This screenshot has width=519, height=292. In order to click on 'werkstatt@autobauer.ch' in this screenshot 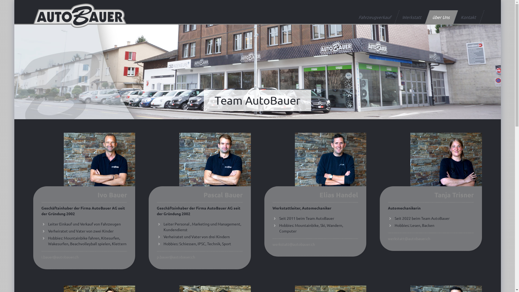, I will do `click(293, 244)`.